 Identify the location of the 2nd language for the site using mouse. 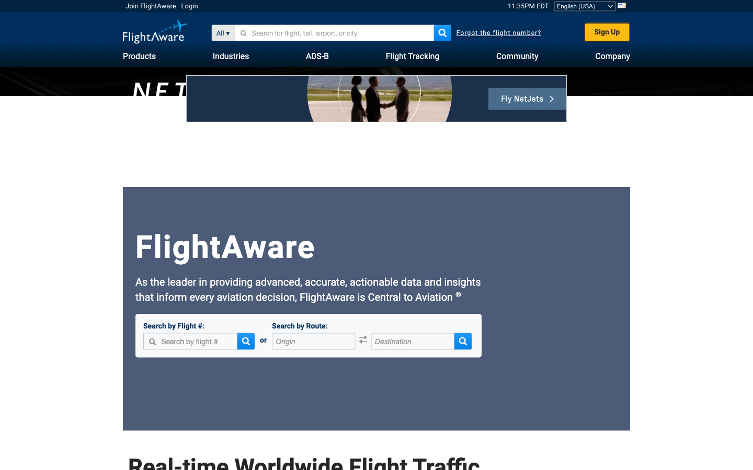
(585, 5).